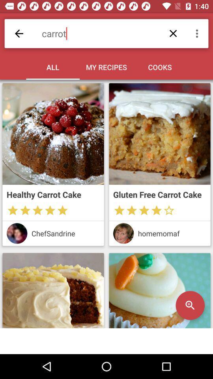 The image size is (213, 379). I want to click on the gluten free carrot item, so click(160, 194).